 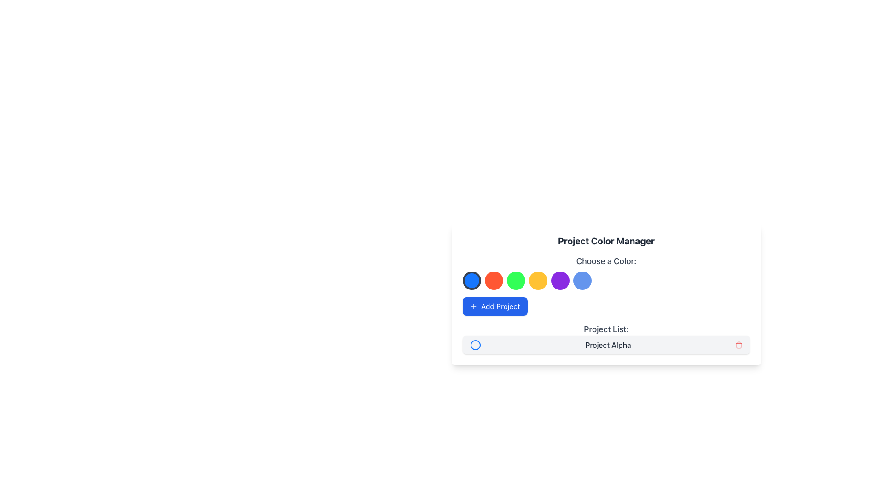 I want to click on the vibrant orange circular button, which is the second button in a row of six, so click(x=494, y=280).